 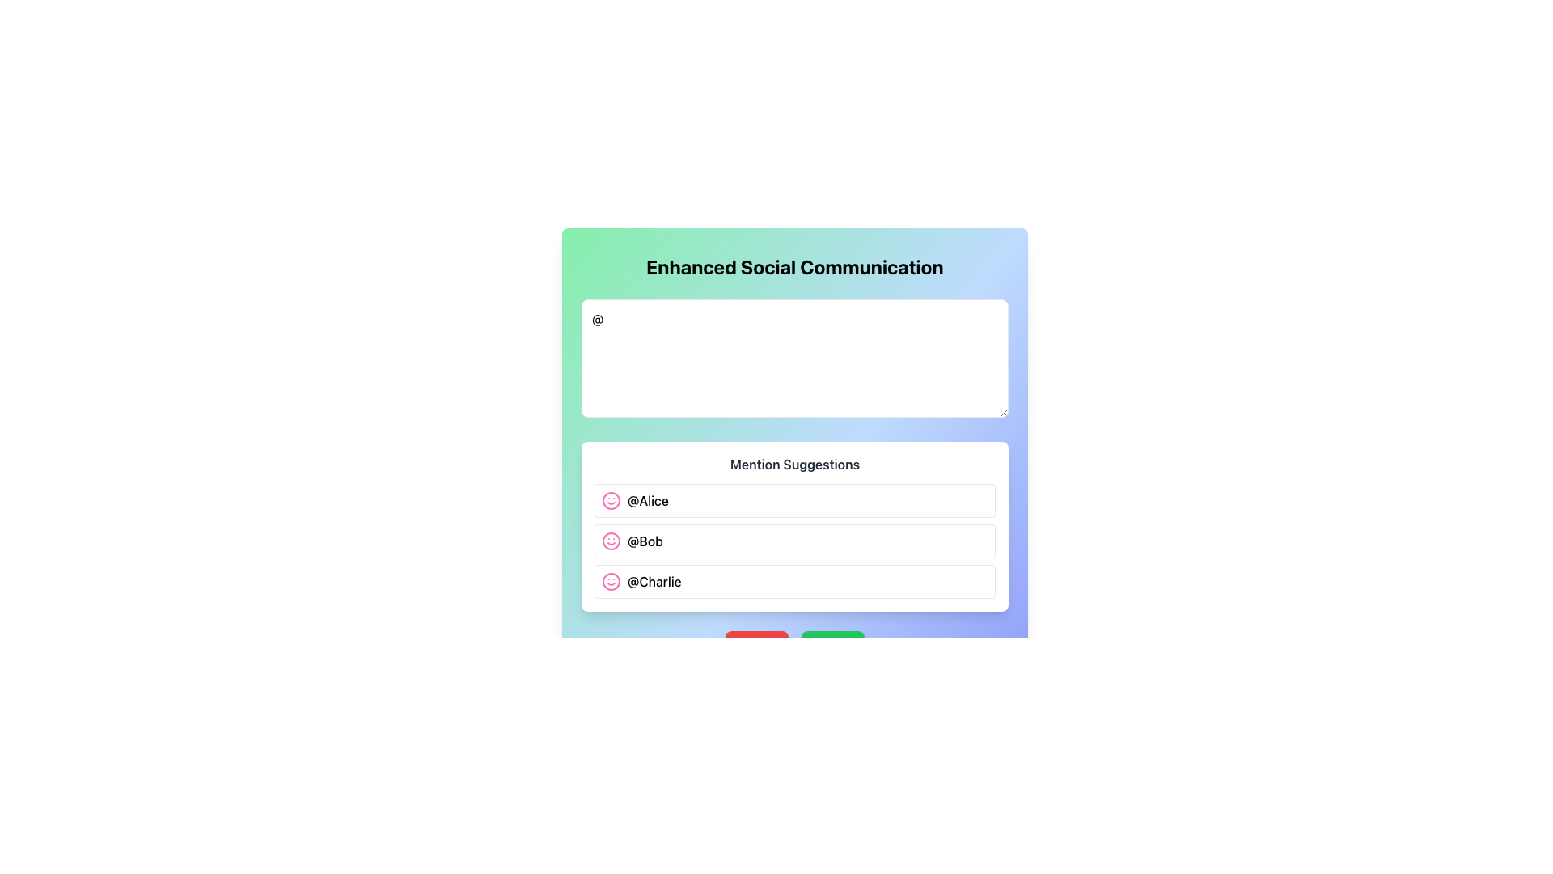 I want to click on the first selectable suggestion item for mentioning the user '@Alice', so click(x=795, y=499).